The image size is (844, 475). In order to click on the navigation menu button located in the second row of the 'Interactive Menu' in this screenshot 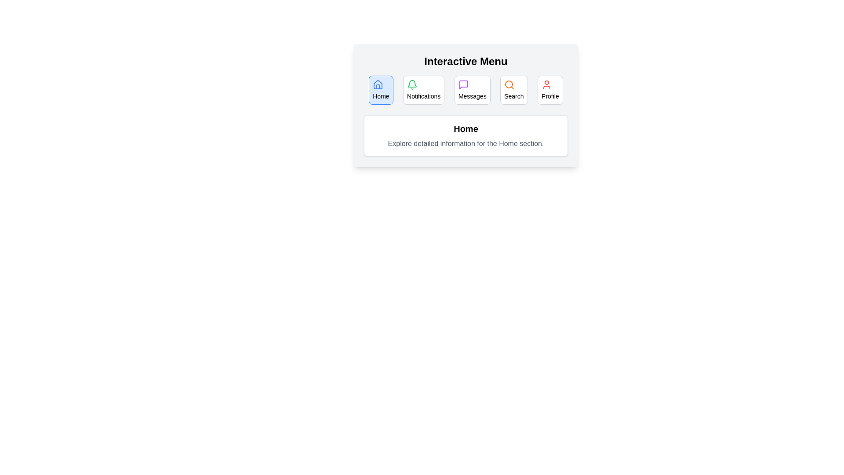, I will do `click(466, 90)`.